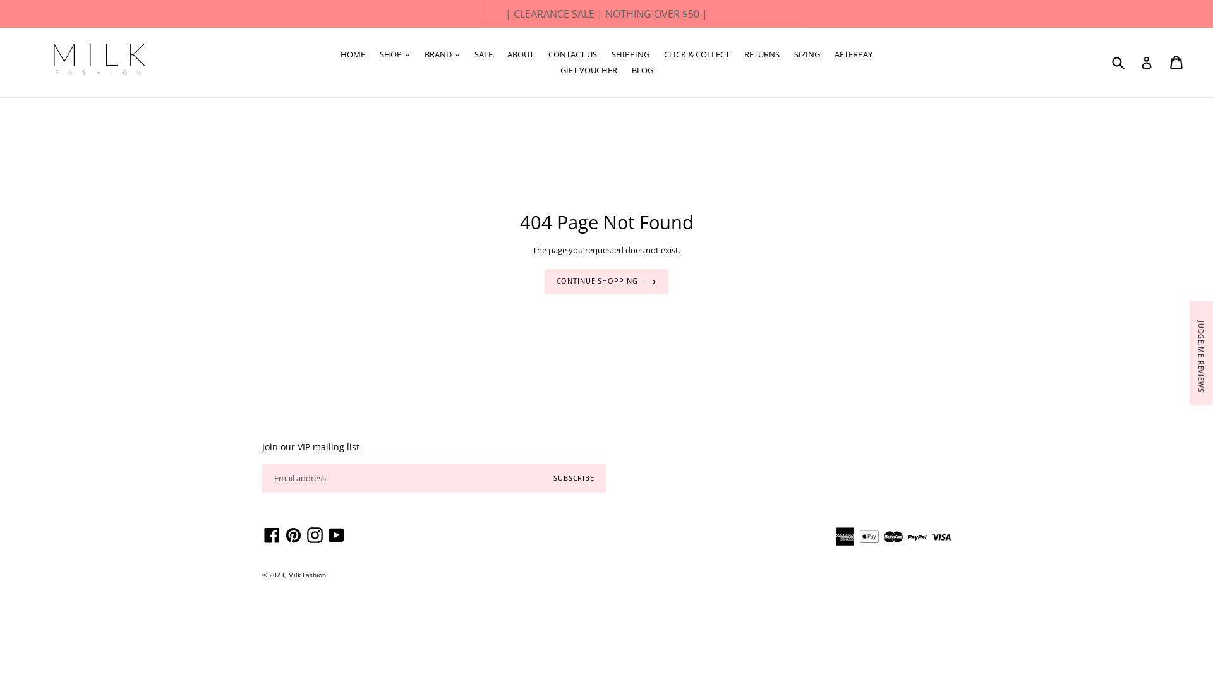 The width and height of the screenshot is (1213, 682). Describe the element at coordinates (293, 535) in the screenshot. I see `'Pinterest'` at that location.